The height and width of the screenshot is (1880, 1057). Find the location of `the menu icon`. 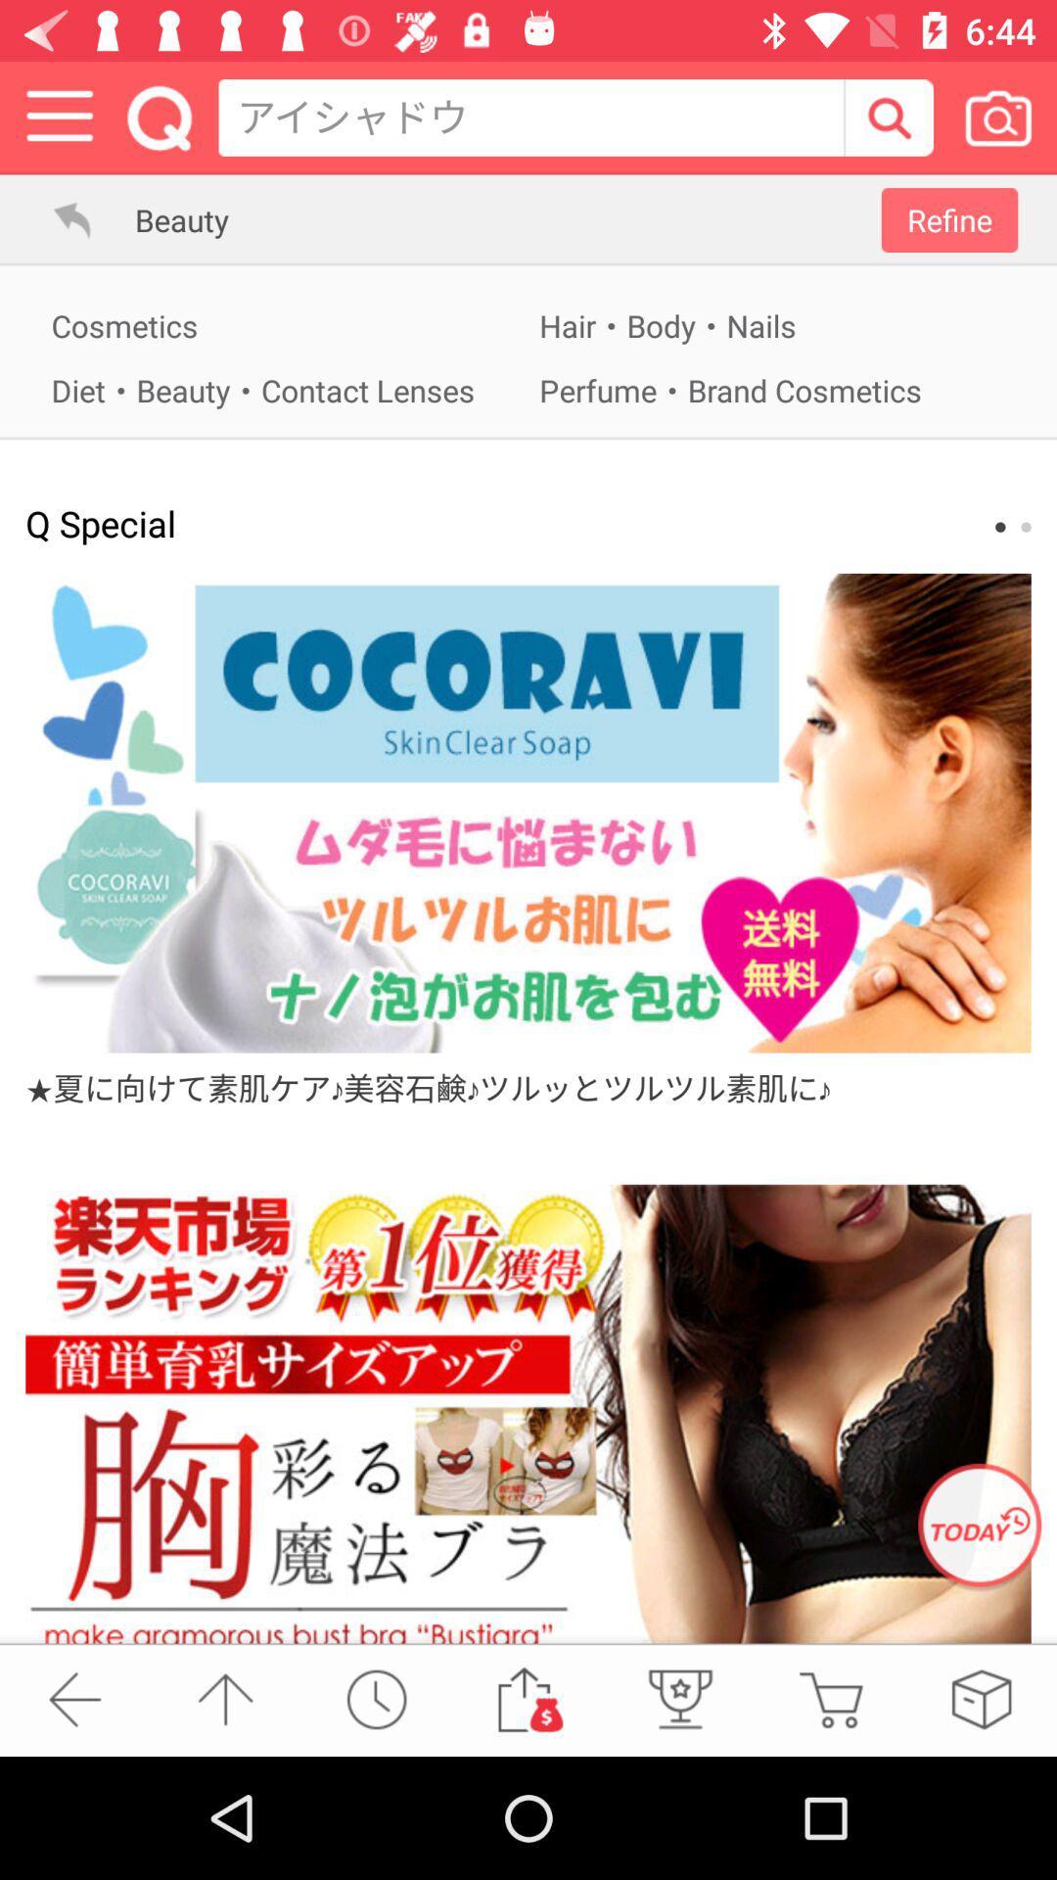

the menu icon is located at coordinates (59, 117).